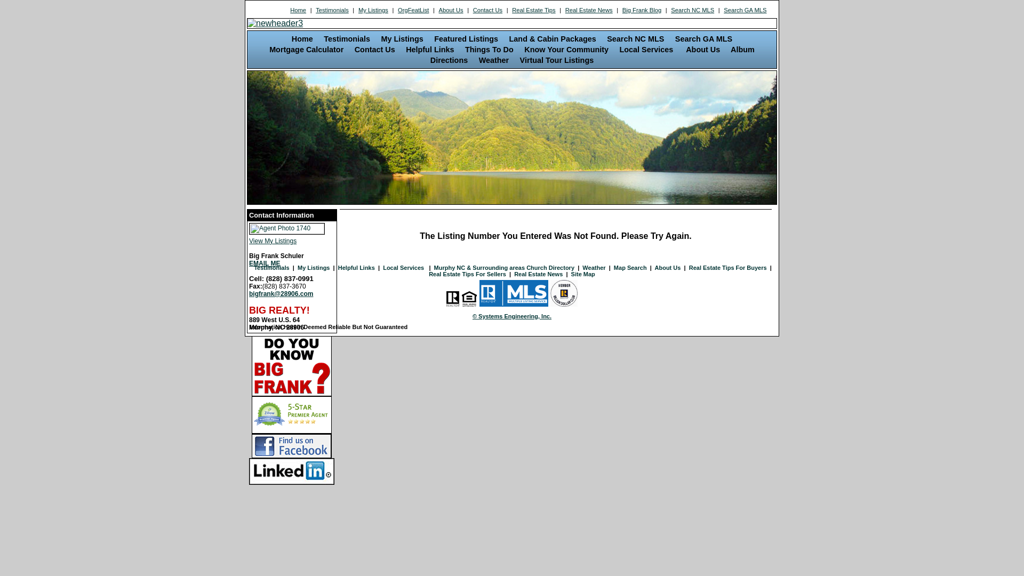 The width and height of the screenshot is (1024, 576). What do you see at coordinates (314, 10) in the screenshot?
I see `'Testimonials'` at bounding box center [314, 10].